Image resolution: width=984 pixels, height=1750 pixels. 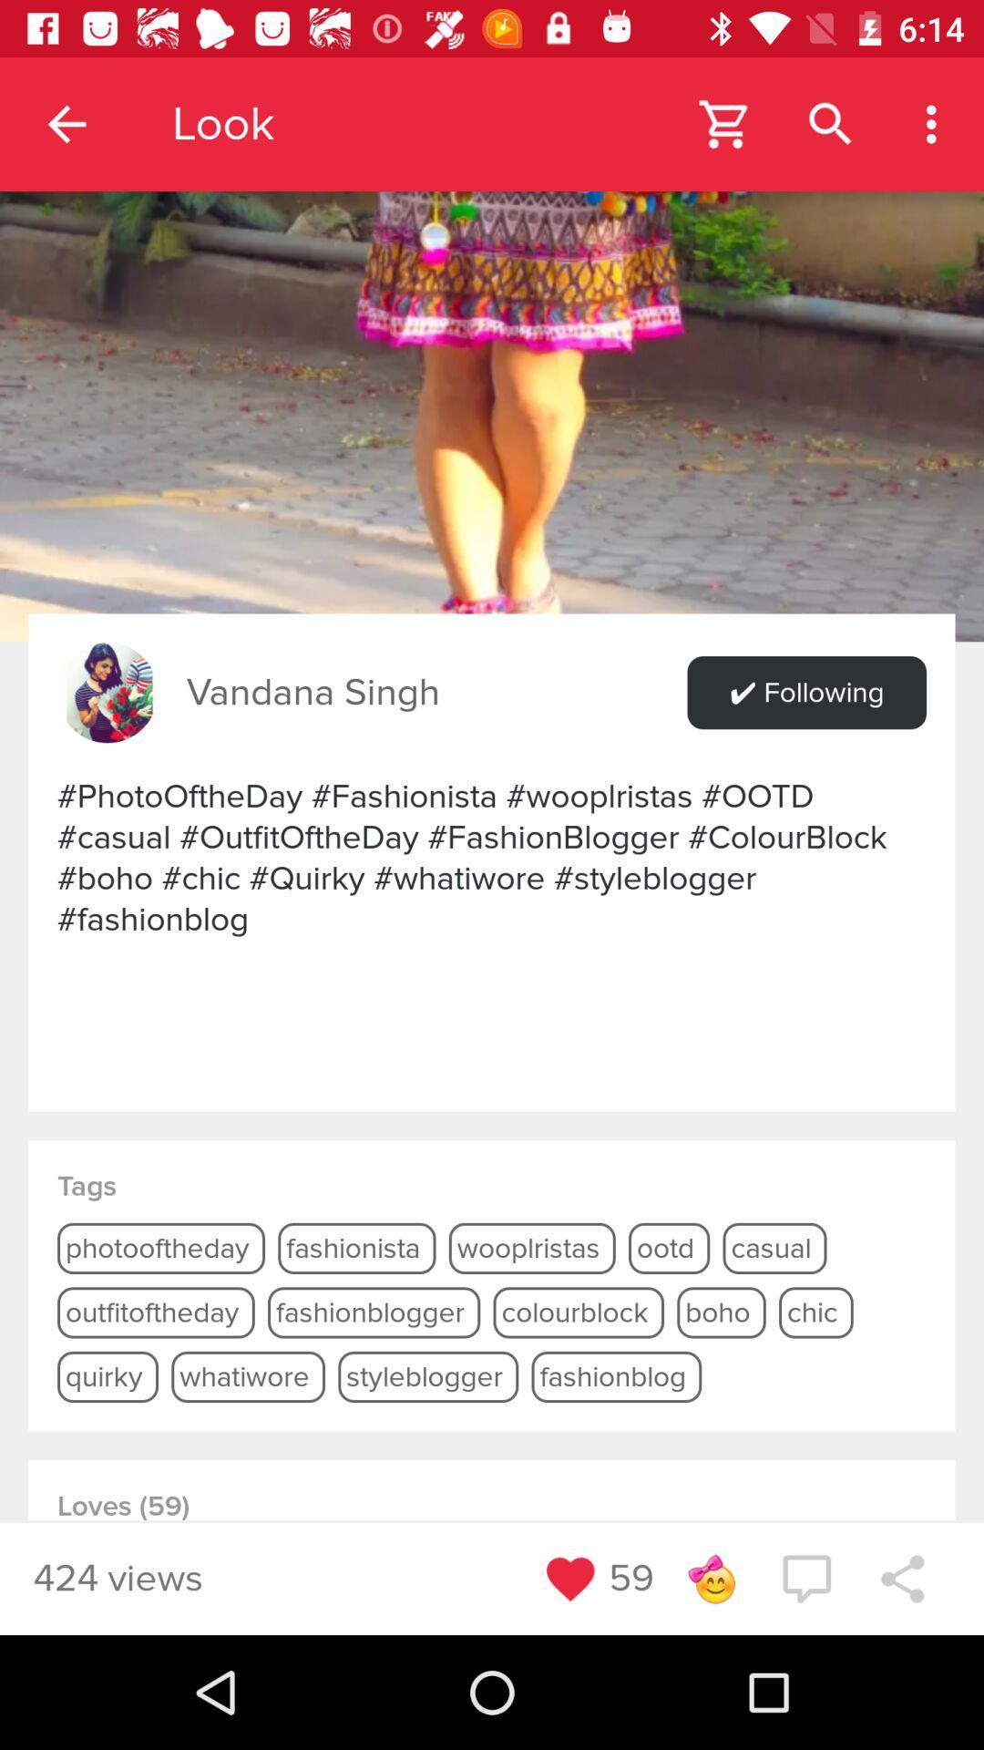 What do you see at coordinates (569, 1578) in the screenshot?
I see `the favorite icon` at bounding box center [569, 1578].